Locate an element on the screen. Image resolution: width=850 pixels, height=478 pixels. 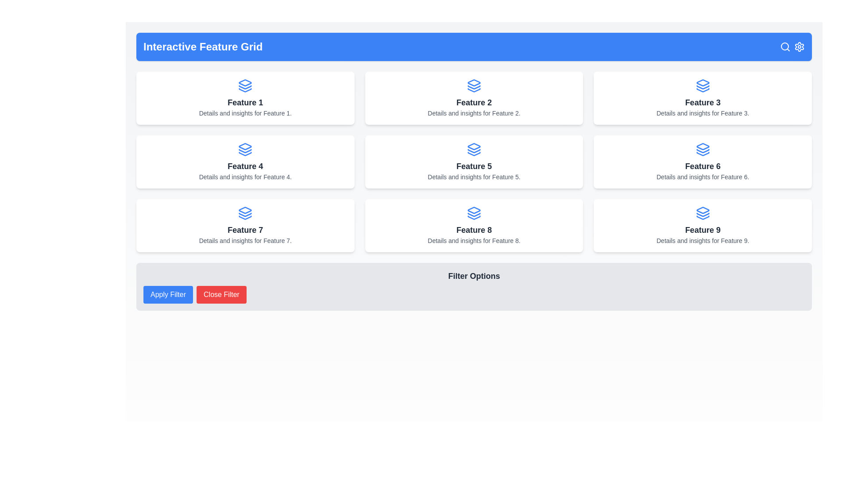
the topmost blue three-layered stack icon above the text 'Feature 4' located in the second row, first column of the grid layout is located at coordinates (245, 149).